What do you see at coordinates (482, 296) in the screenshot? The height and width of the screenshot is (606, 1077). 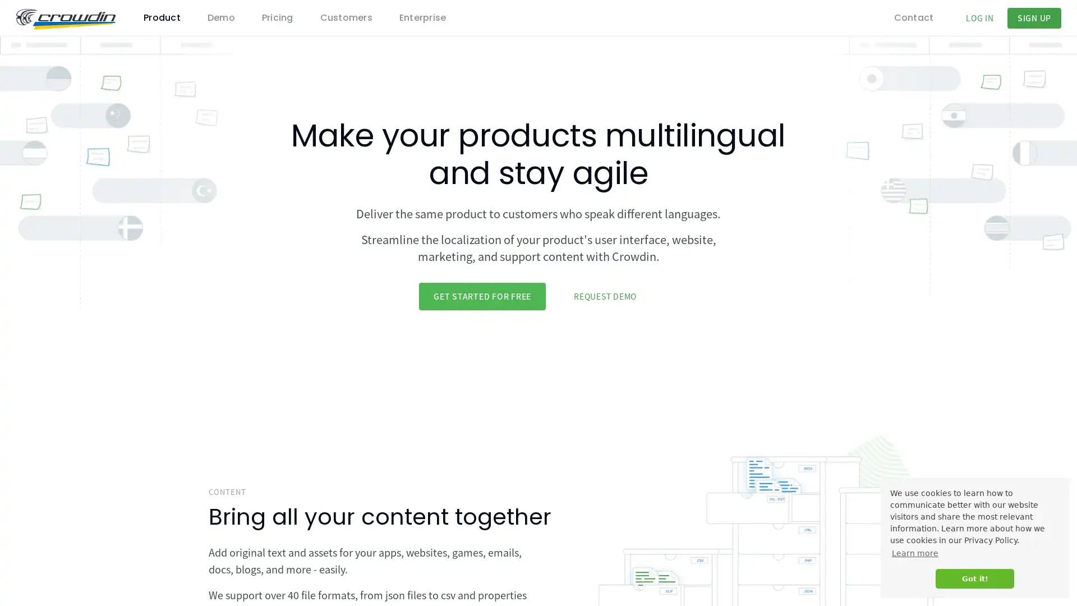 I see `GET STARTED FOR FREE` at bounding box center [482, 296].